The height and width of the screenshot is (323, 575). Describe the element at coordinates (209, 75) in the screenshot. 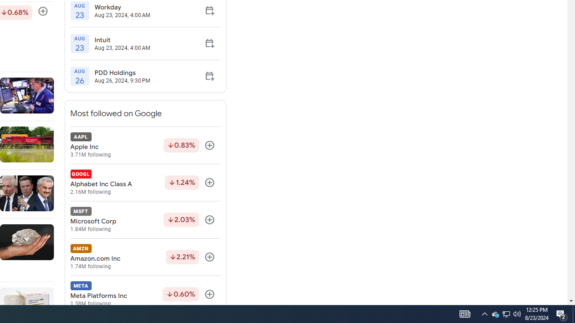

I see `'Add to calendar'` at that location.